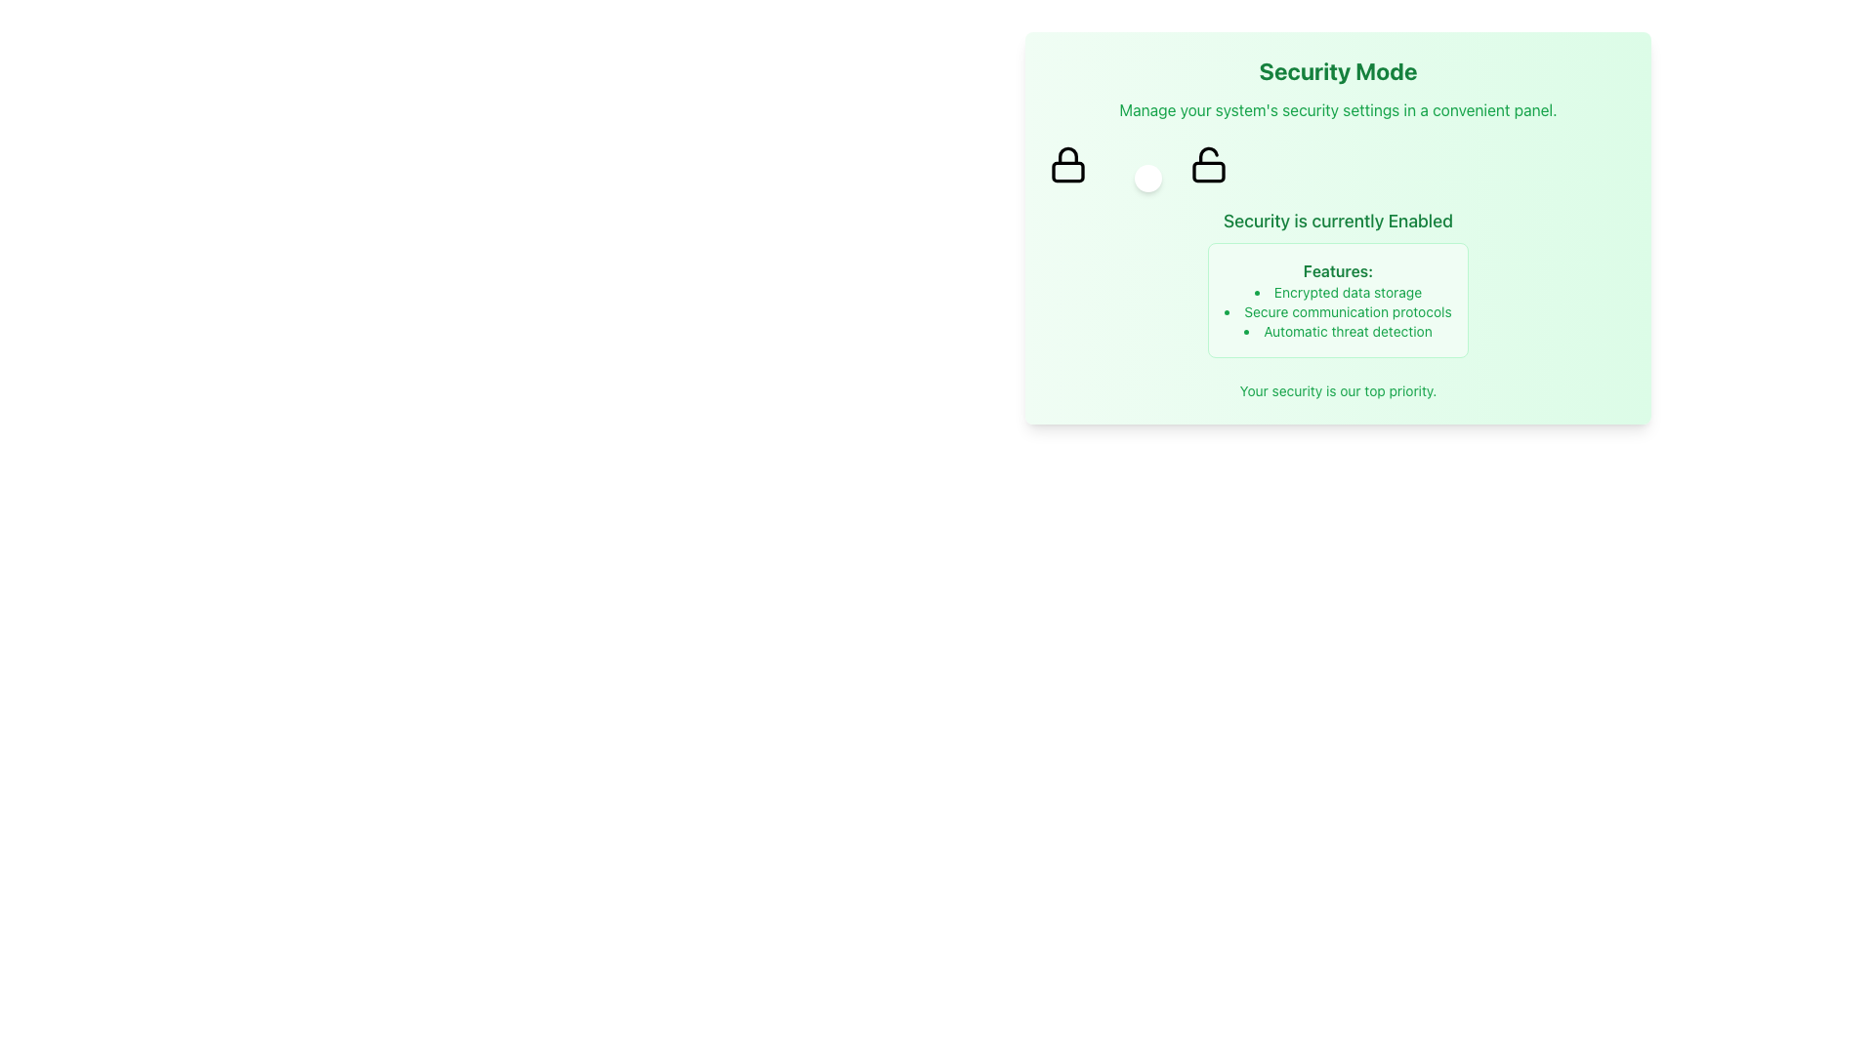 The width and height of the screenshot is (1875, 1054). I want to click on the Informational box with a light green background, rounded corners, and a green border that contains the heading 'Features:' and a bulleted list styled in green text, so click(1337, 301).